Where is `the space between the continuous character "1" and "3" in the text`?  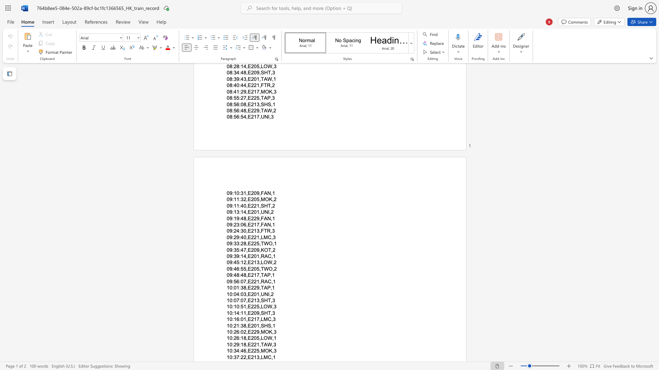
the space between the continuous character "1" and "3" in the text is located at coordinates (236, 212).